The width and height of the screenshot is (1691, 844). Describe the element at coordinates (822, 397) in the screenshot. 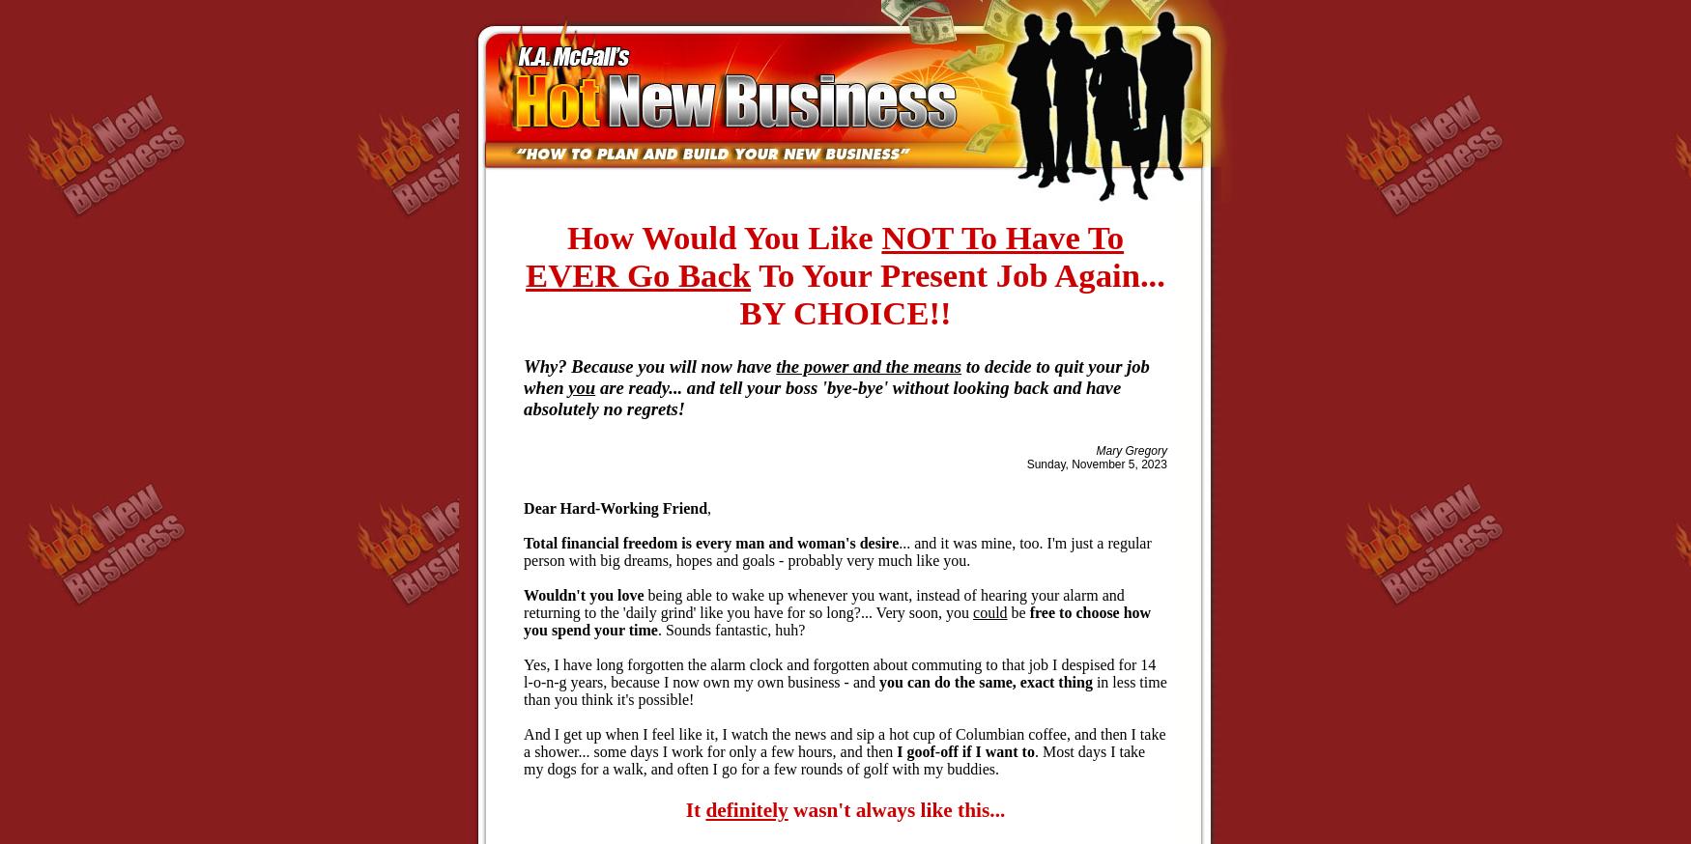

I see `'are ready... and tell your boss 'bye-bye' without looking back and have absolutely no regrets!'` at that location.